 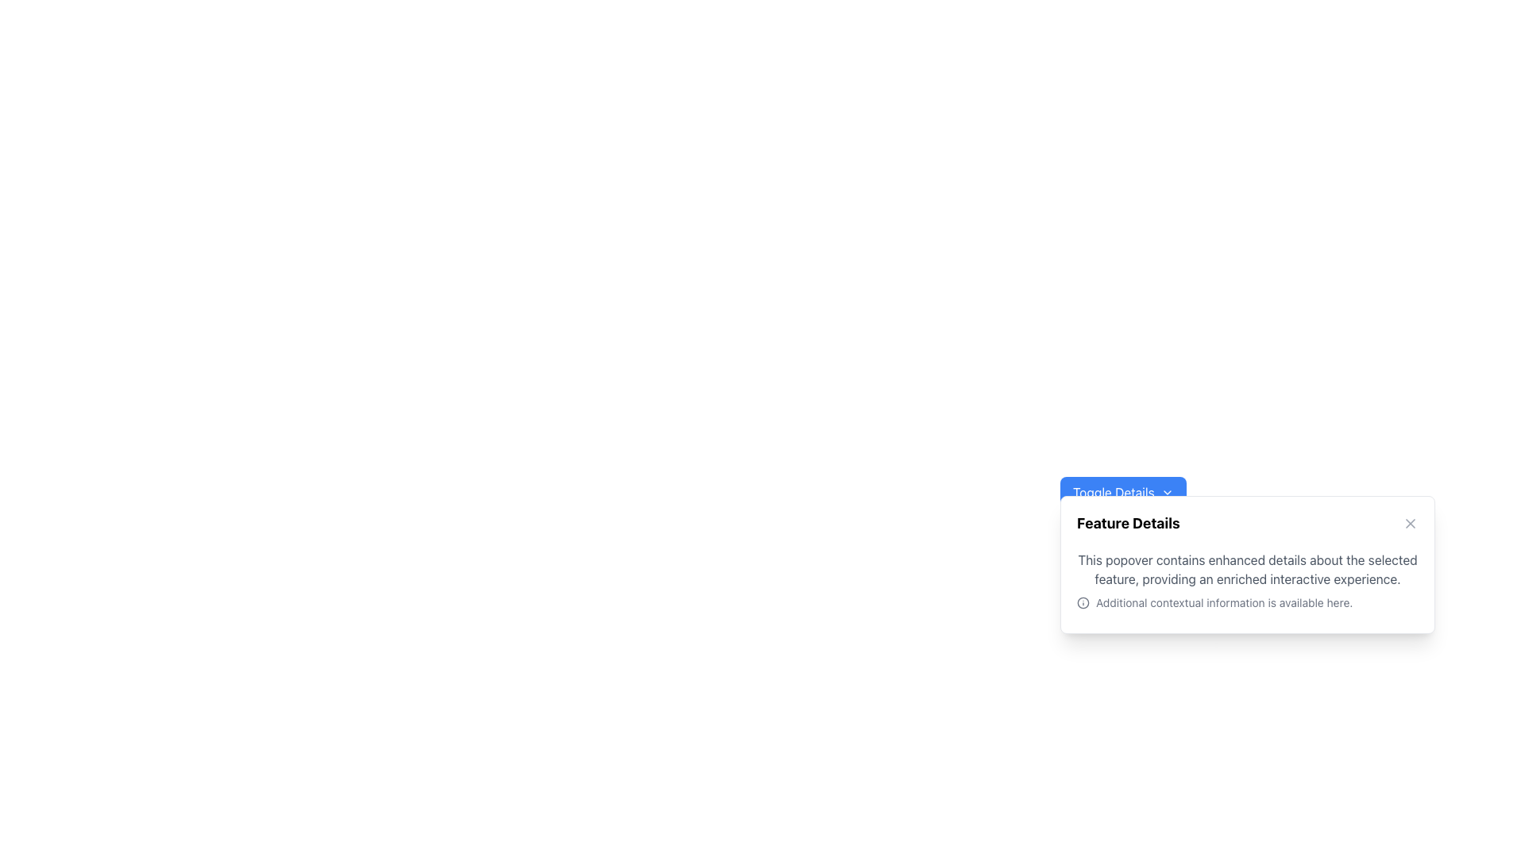 What do you see at coordinates (1246, 581) in the screenshot?
I see `information from the text block with inline icon located in the 'Feature Details' popover component` at bounding box center [1246, 581].